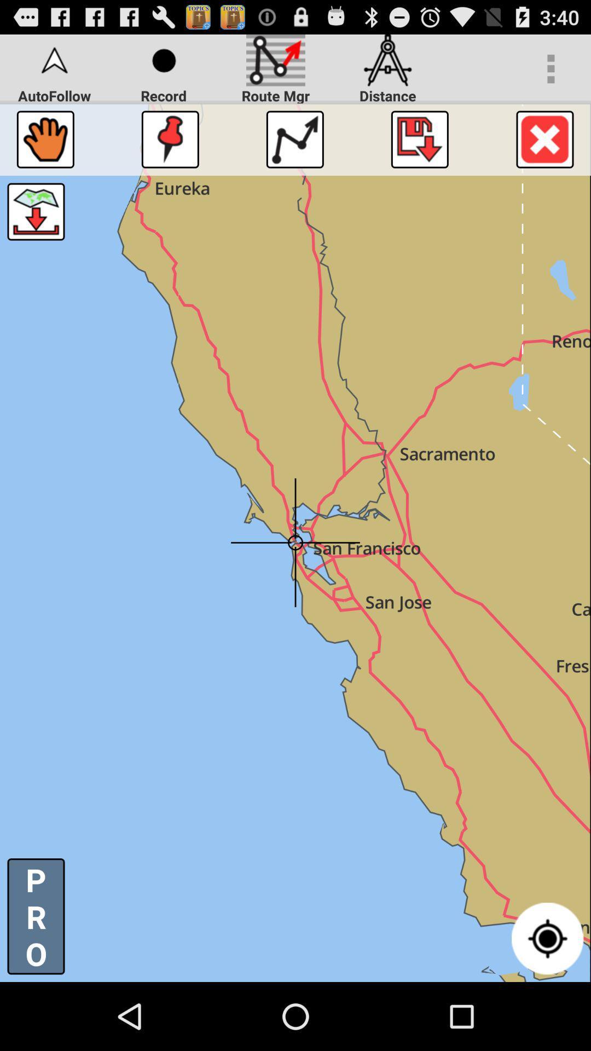 The image size is (591, 1051). Describe the element at coordinates (35, 212) in the screenshot. I see `download map` at that location.